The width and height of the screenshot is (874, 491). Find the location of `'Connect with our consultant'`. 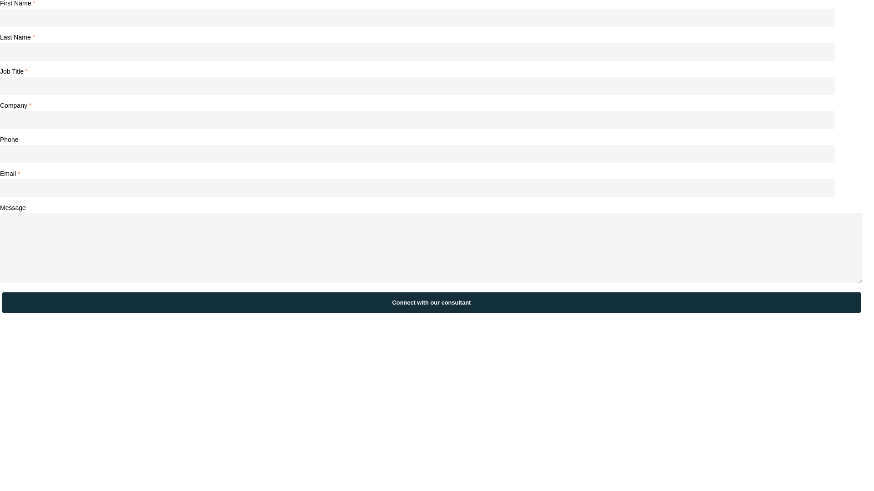

'Connect with our consultant' is located at coordinates (431, 302).